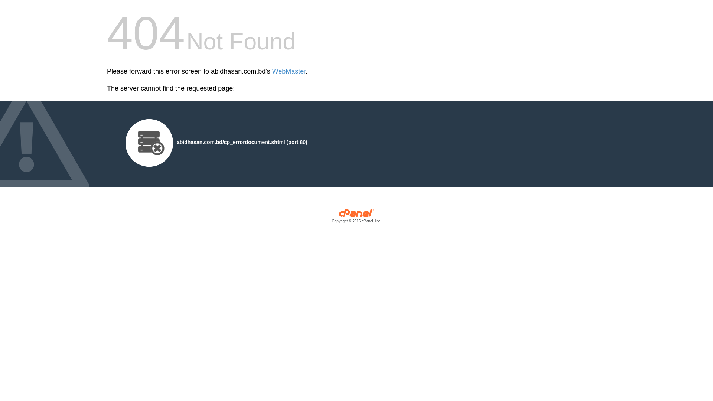  What do you see at coordinates (289, 71) in the screenshot?
I see `'WebMaster'` at bounding box center [289, 71].